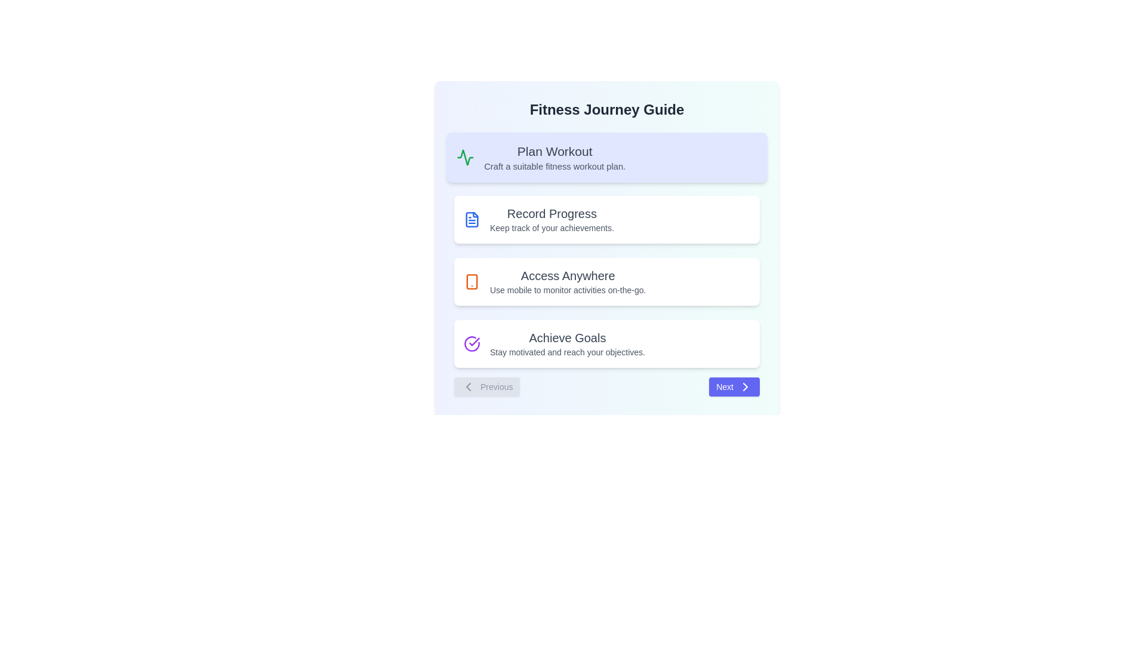  Describe the element at coordinates (464, 156) in the screenshot. I see `the green zigzag line SVG icon representing a waveform in the top-left corner of the 'Plan Workout' card to initiate an action` at that location.